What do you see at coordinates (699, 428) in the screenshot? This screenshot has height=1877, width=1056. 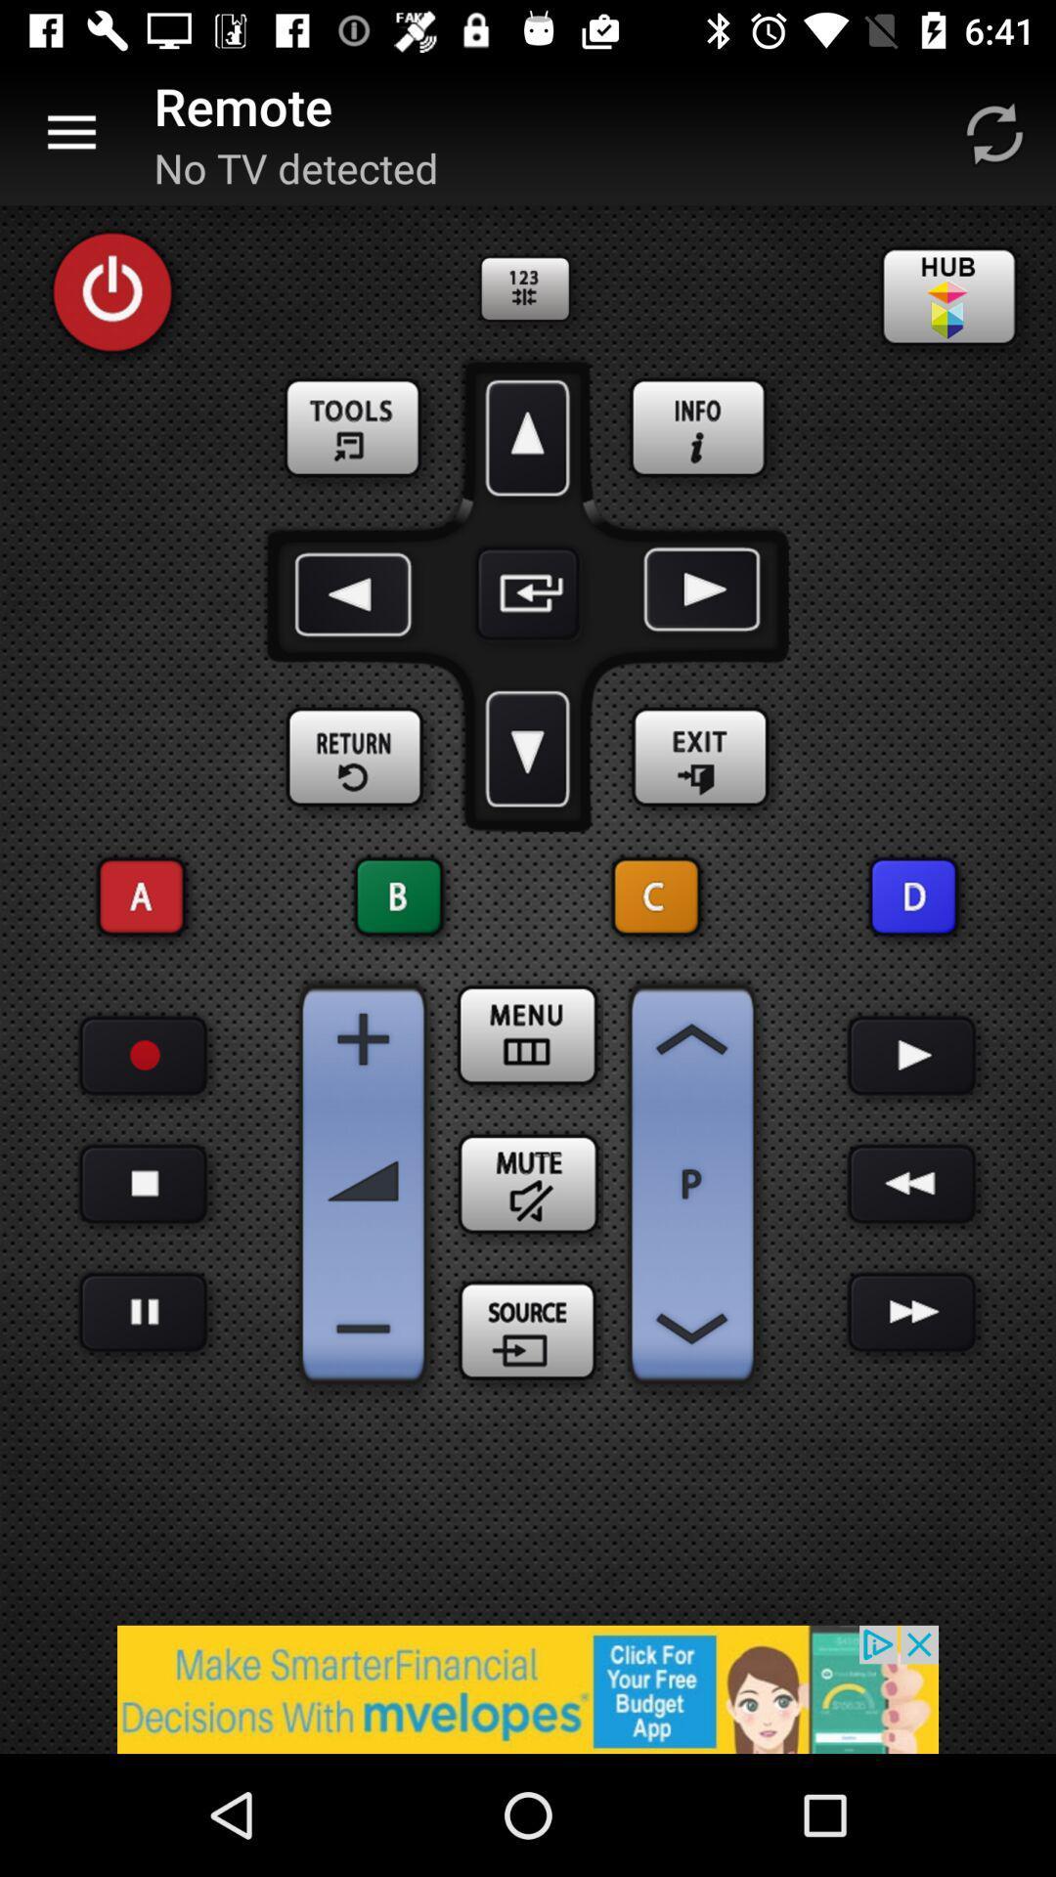 I see `the facebook icon` at bounding box center [699, 428].